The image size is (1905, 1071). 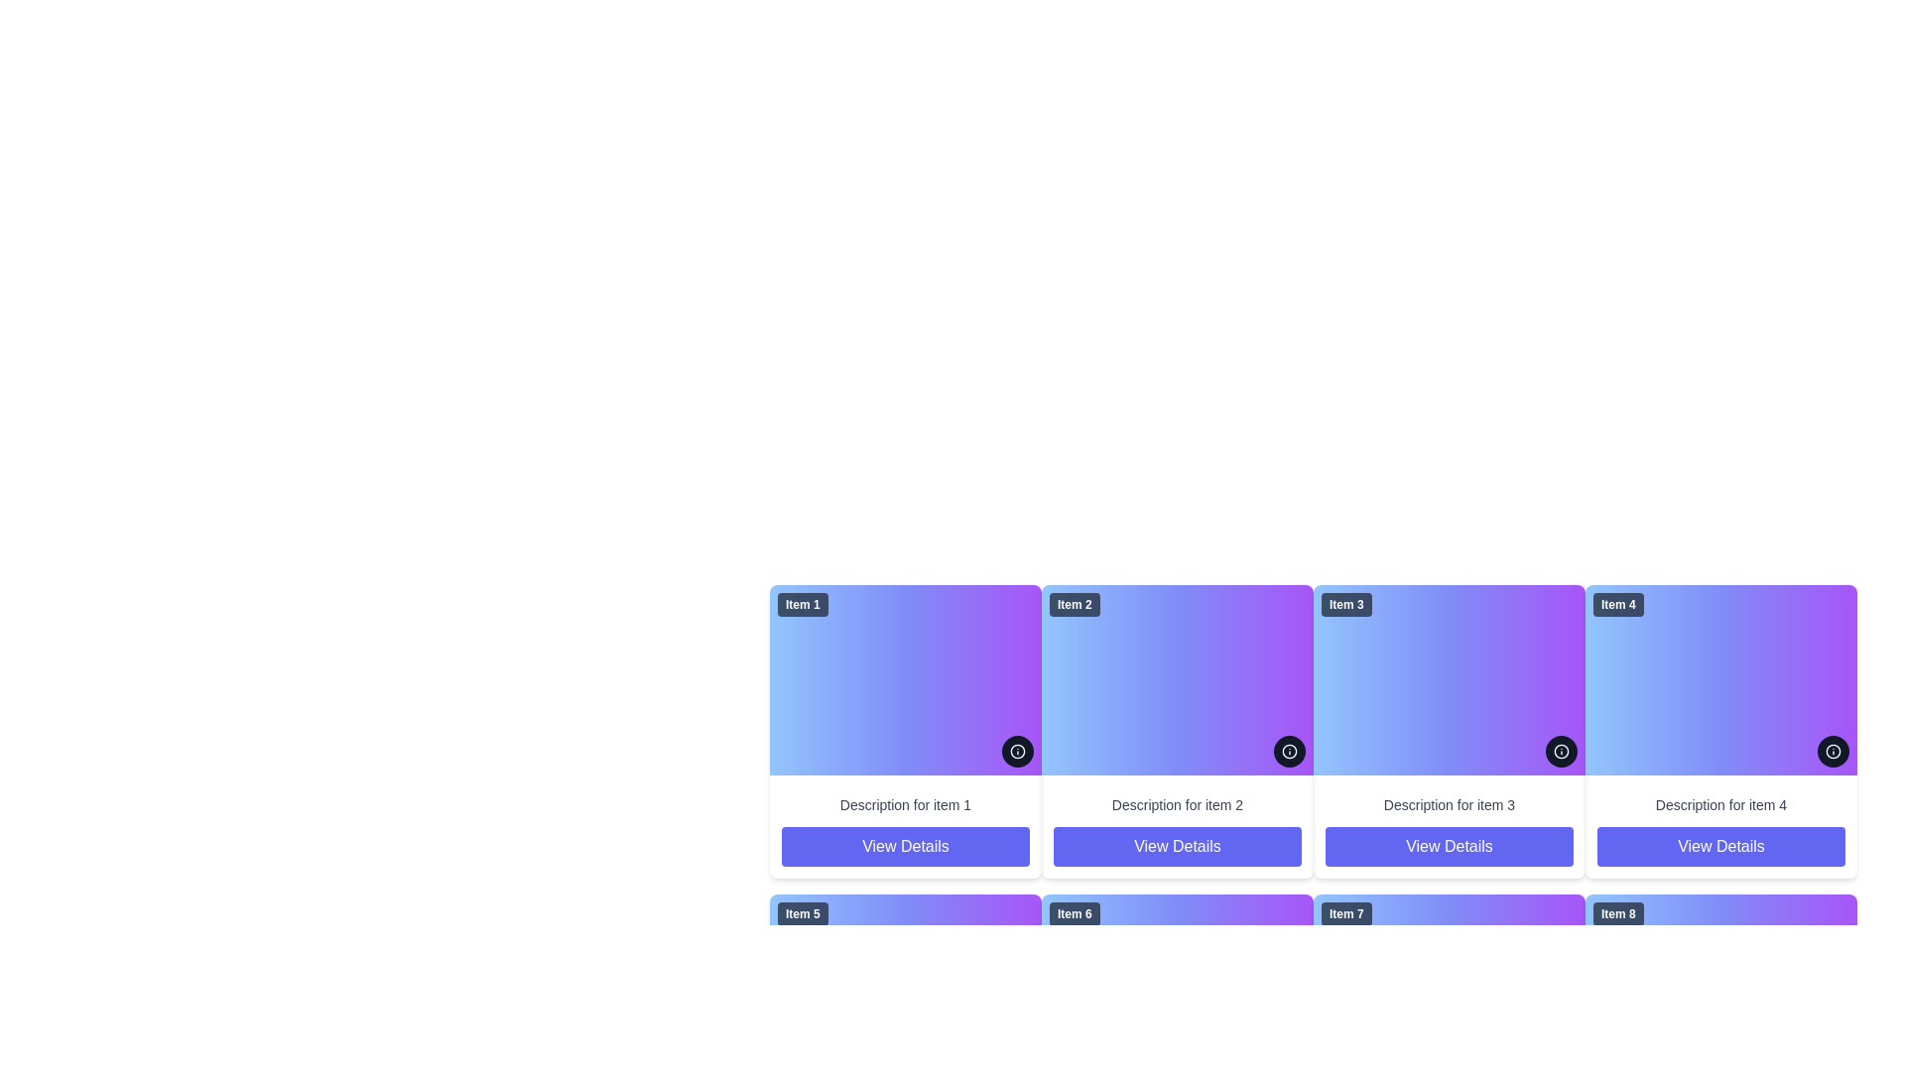 What do you see at coordinates (1346, 913) in the screenshot?
I see `the Label in the top-left corner of the seventh card, which has a gradient from blue to purple, to read the text` at bounding box center [1346, 913].